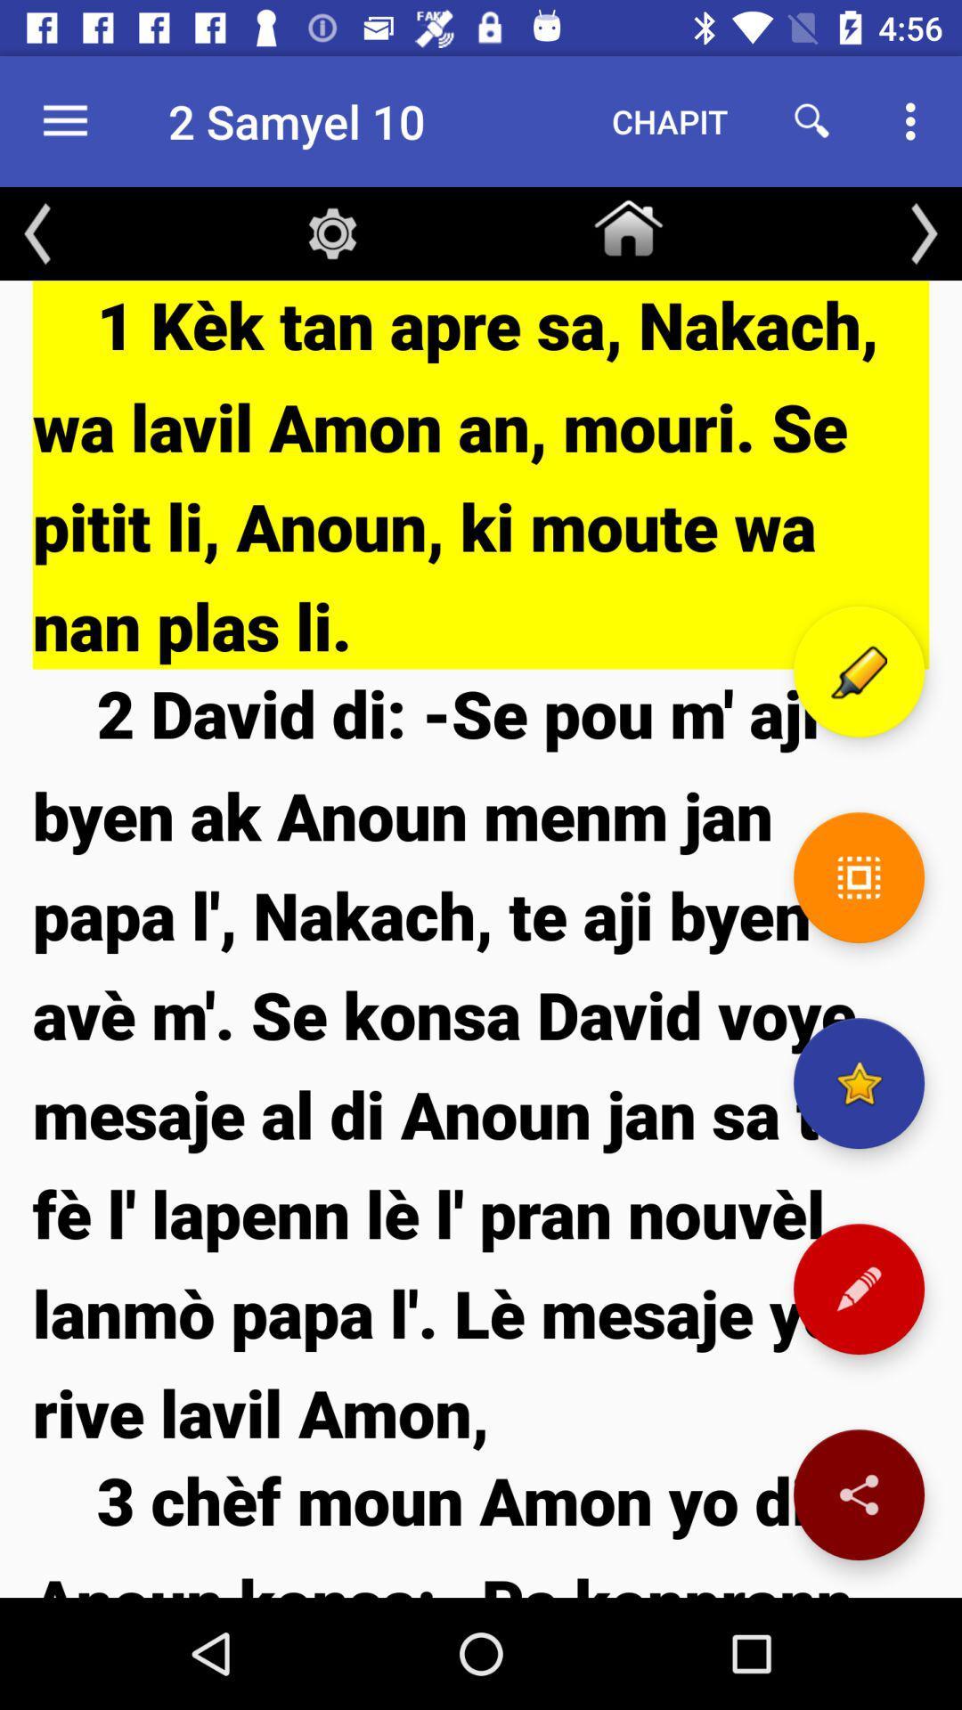 This screenshot has width=962, height=1710. I want to click on the edit icon, so click(858, 671).